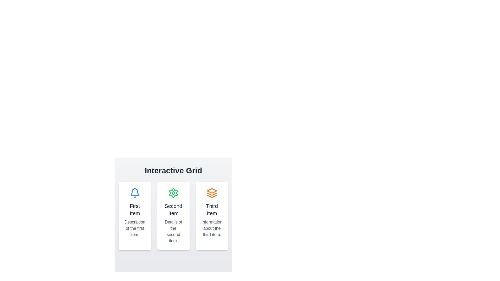  Describe the element at coordinates (212, 194) in the screenshot. I see `the middle layer of the three-layer stack icon, which is illustrated in an orange line-color and located in the 'Third Item' section of the grid layout` at that location.